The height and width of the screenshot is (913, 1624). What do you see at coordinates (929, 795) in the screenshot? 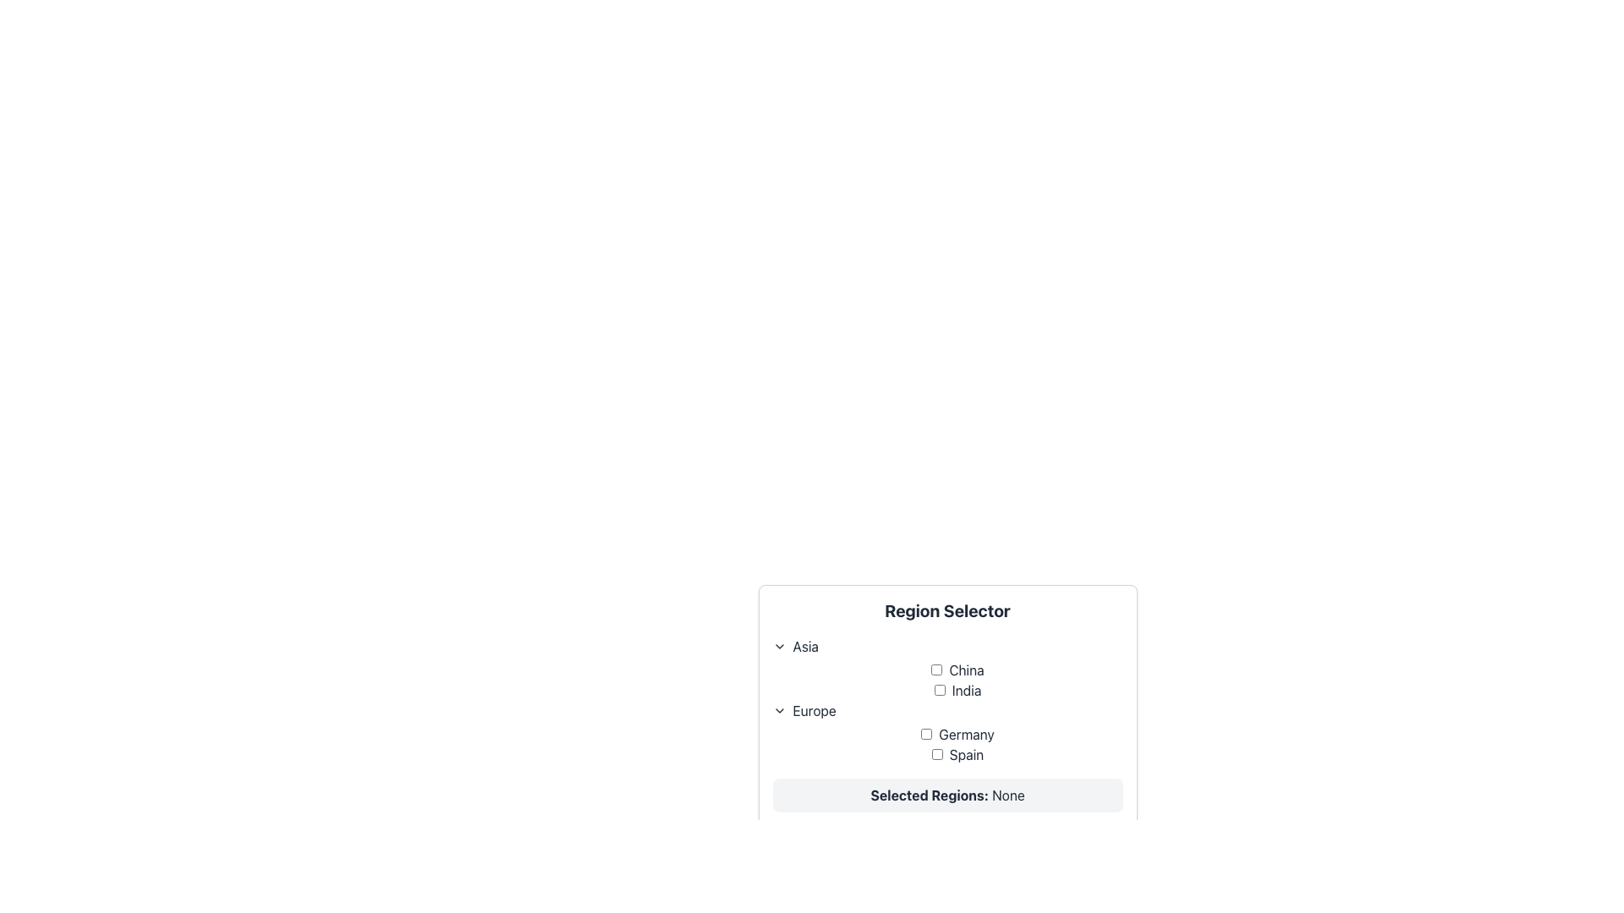
I see `the text label displaying 'Selected Regions:' which is styled in bold on a light gray background` at bounding box center [929, 795].